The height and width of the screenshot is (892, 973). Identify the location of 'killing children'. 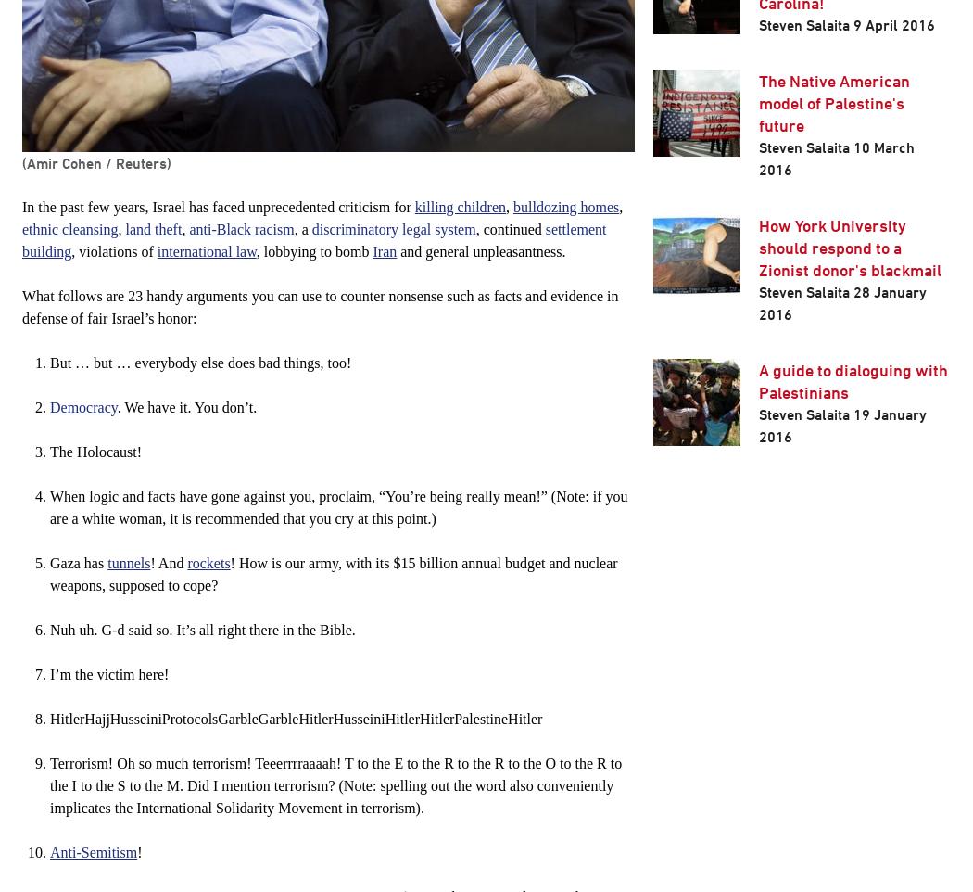
(459, 206).